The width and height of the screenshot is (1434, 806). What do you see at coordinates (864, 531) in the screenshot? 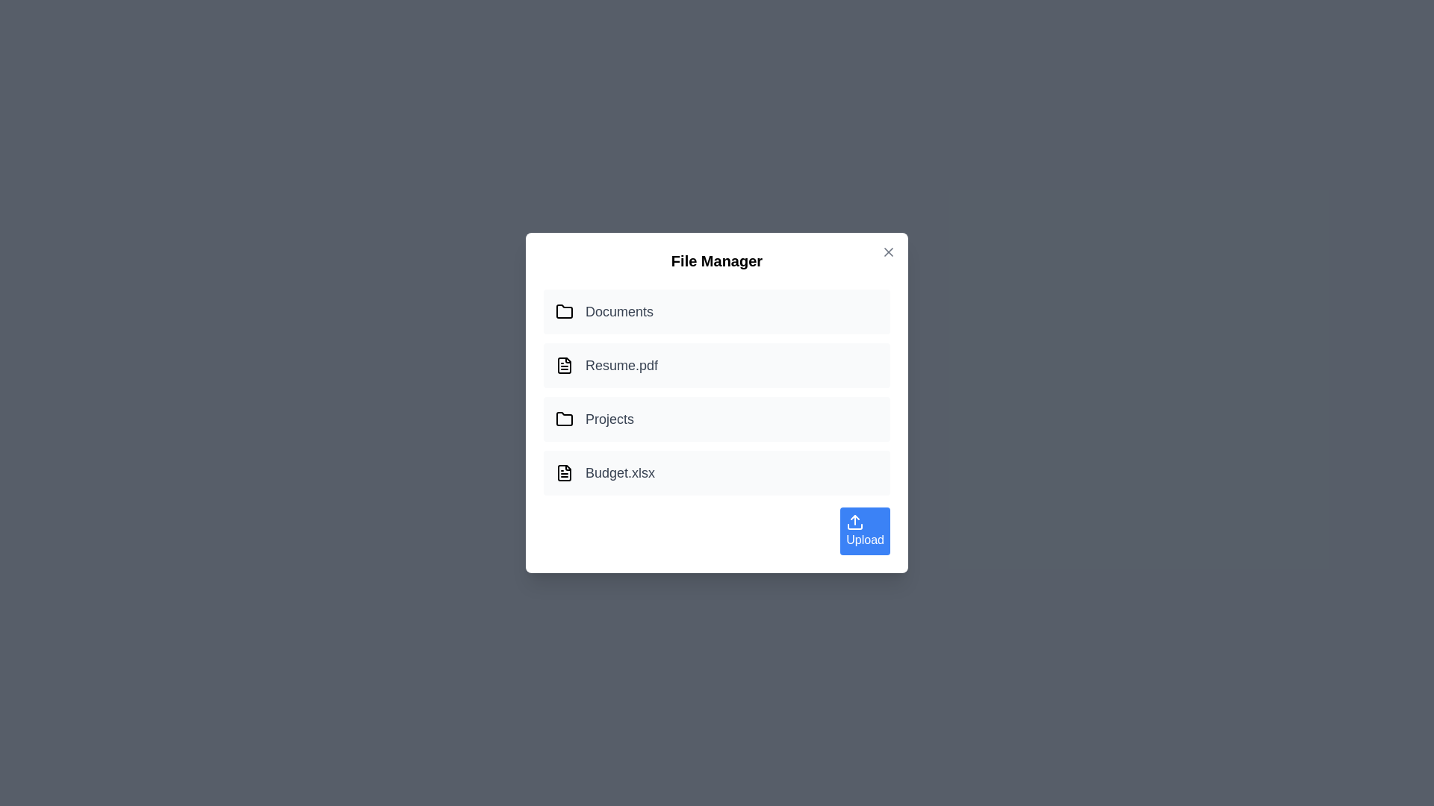
I see `the upload button to initiate file upload` at bounding box center [864, 531].